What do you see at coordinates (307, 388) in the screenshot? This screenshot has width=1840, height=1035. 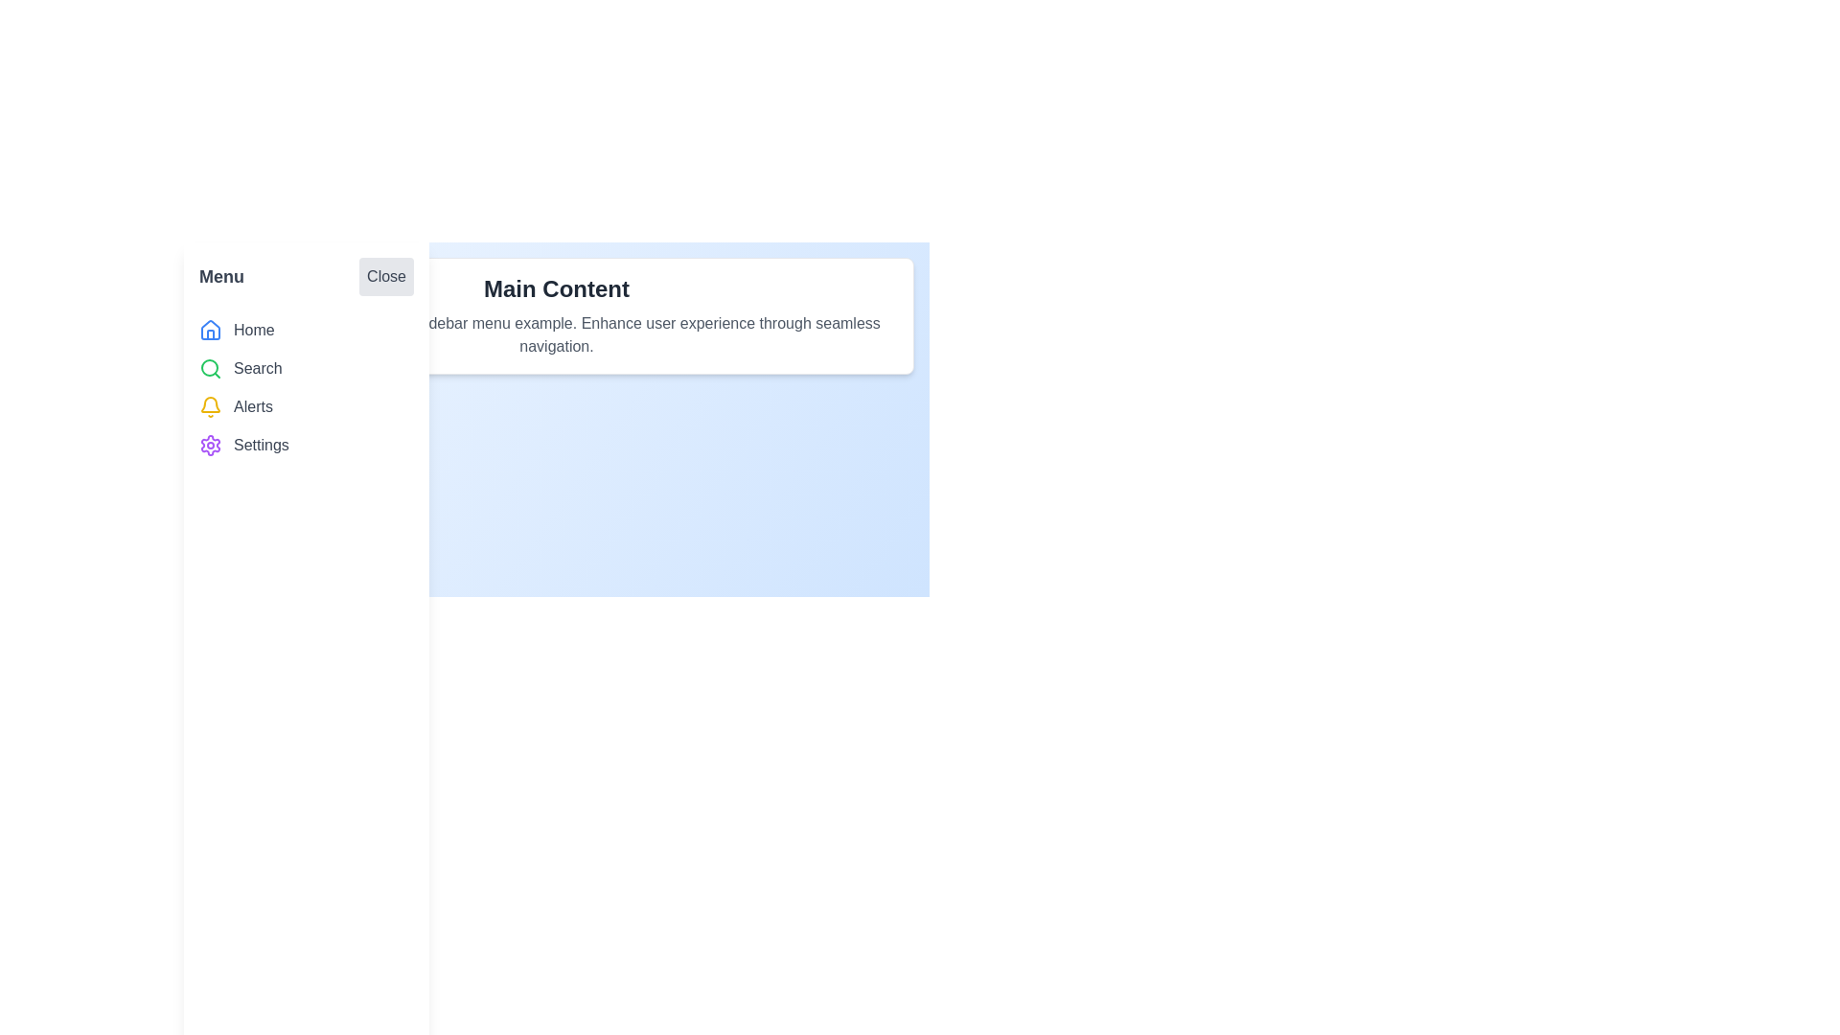 I see `the 'Search' option in the vertical navigation menu located in the sidebar on the left side of the interface, below the title 'Menu' and 'Close' button` at bounding box center [307, 388].